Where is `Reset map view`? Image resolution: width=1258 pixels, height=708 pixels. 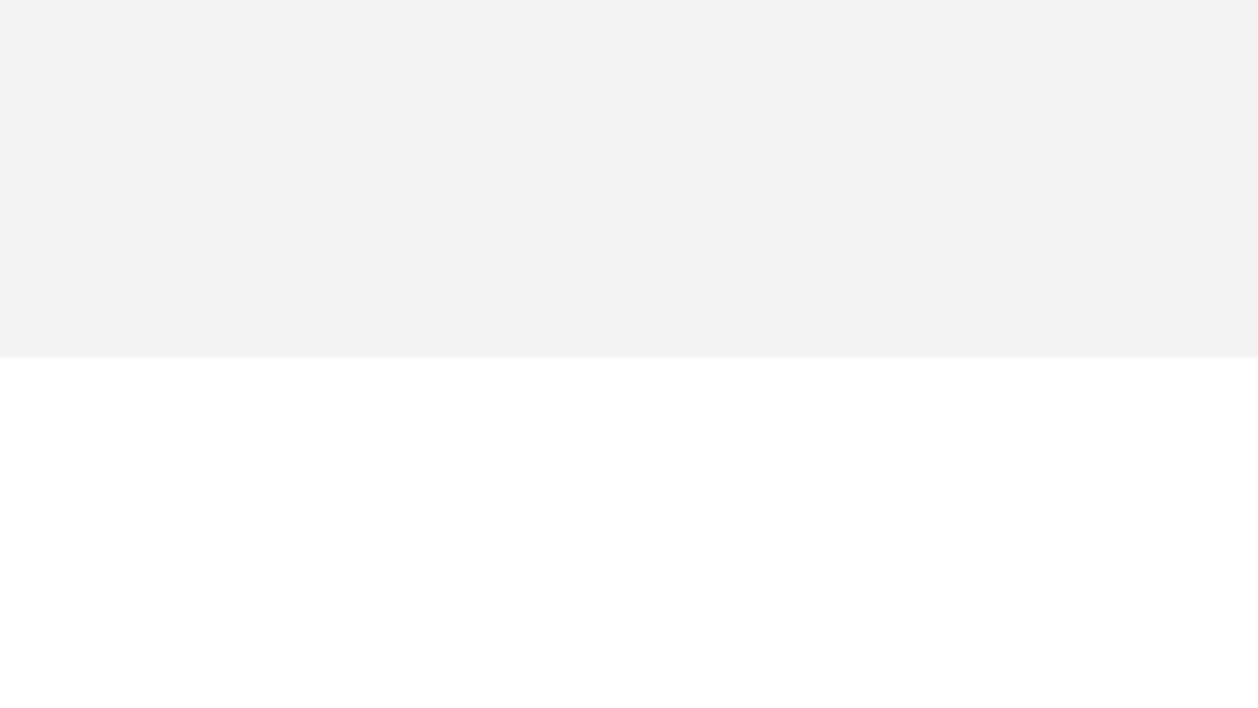
Reset map view is located at coordinates (1241, 48).